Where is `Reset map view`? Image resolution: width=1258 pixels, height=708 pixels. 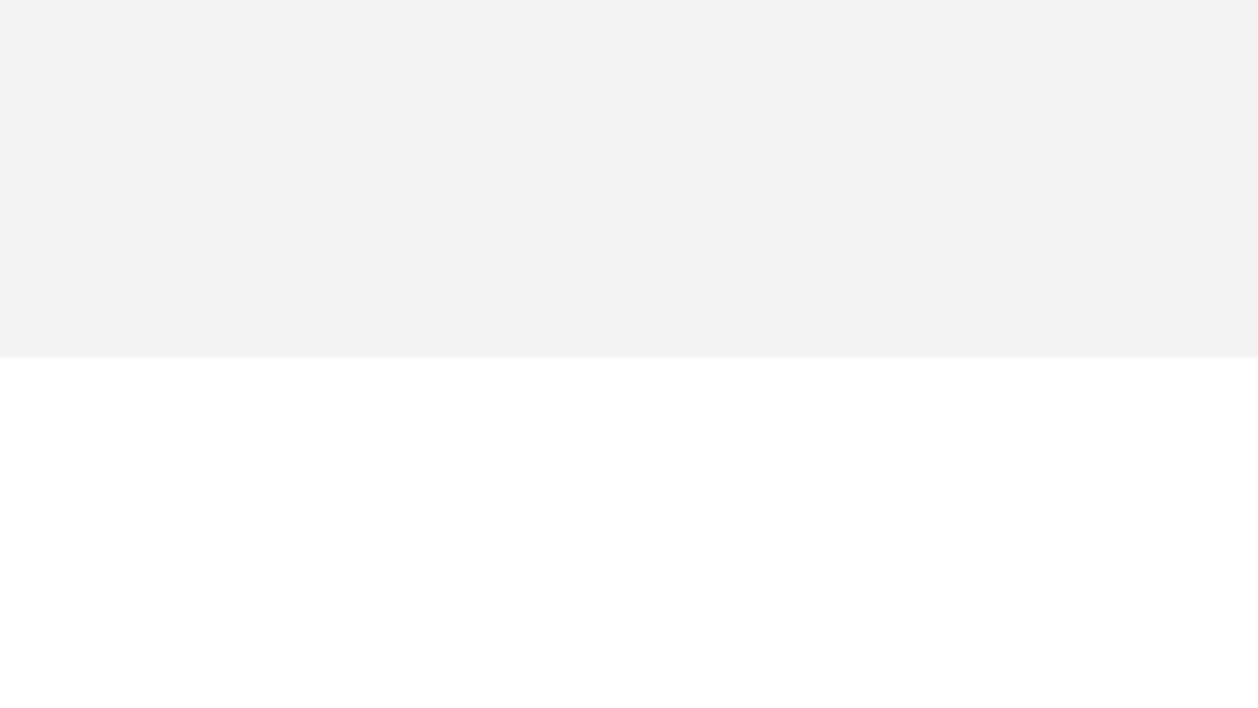
Reset map view is located at coordinates (1241, 48).